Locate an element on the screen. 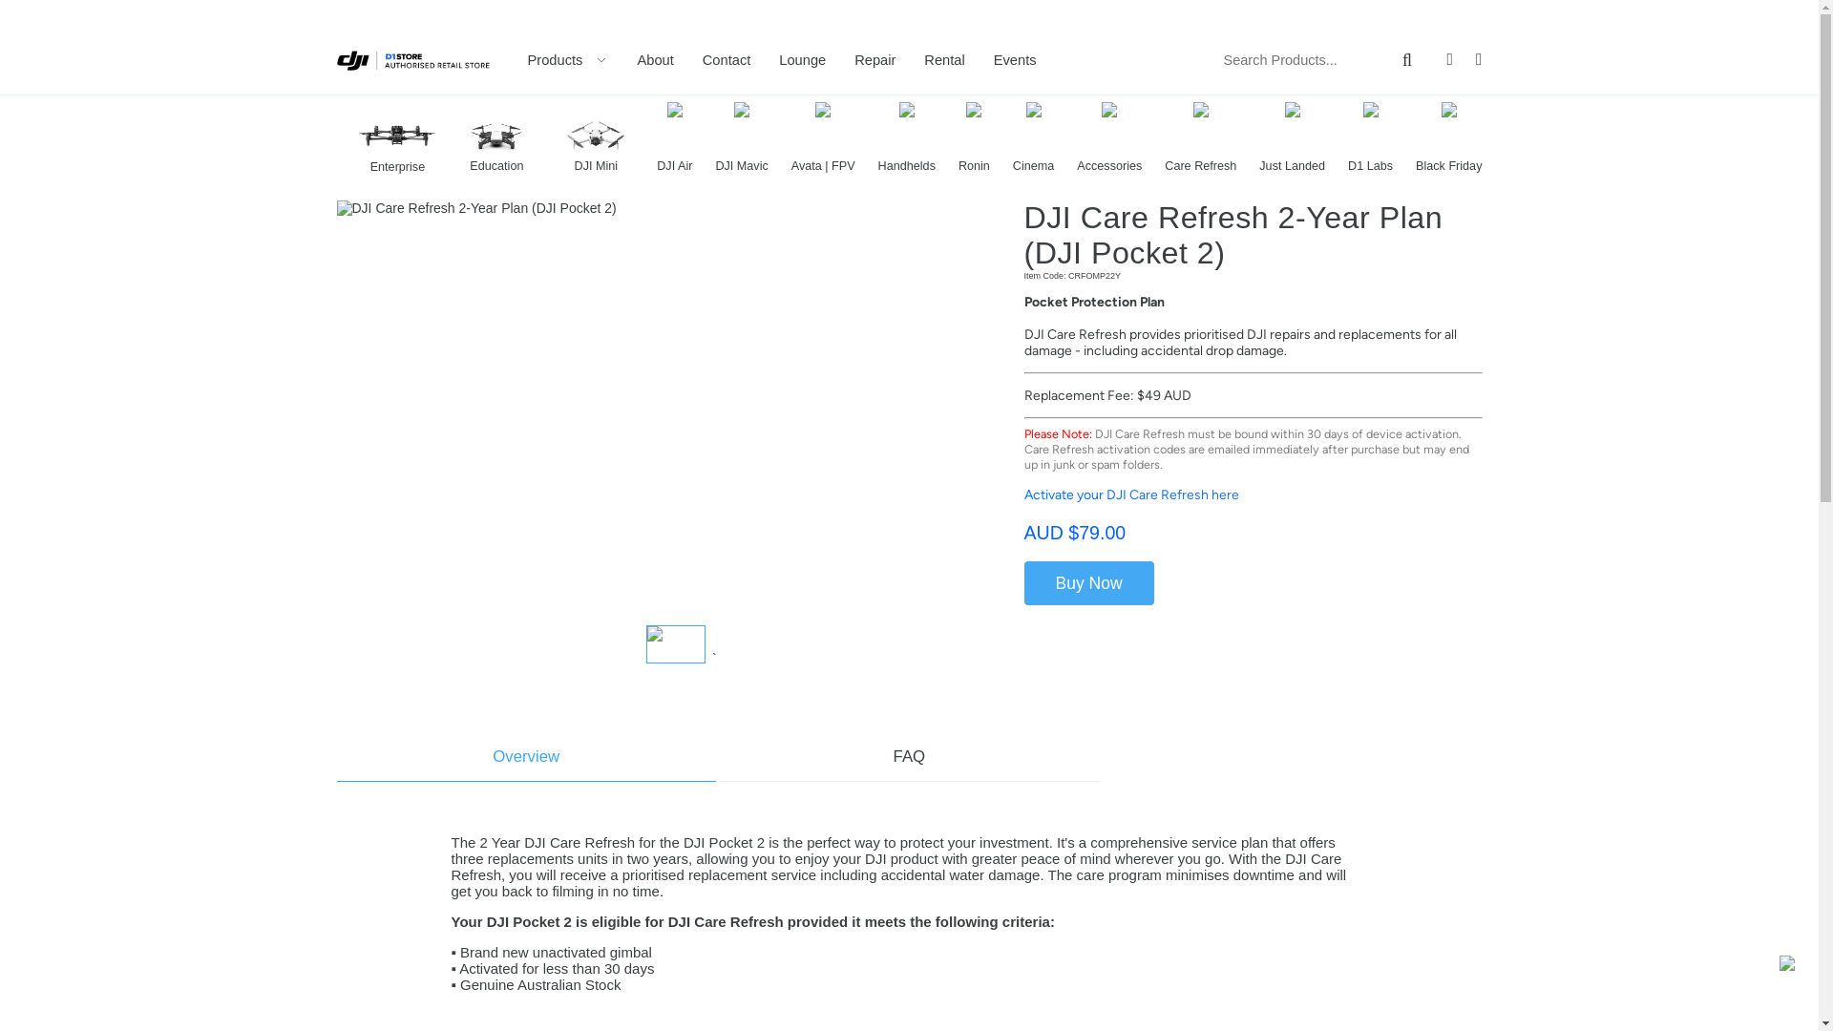 This screenshot has width=1833, height=1031. 'Accessories' is located at coordinates (1108, 137).